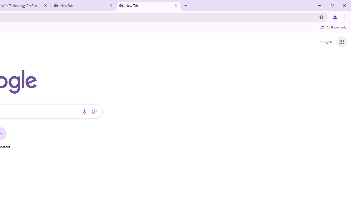 This screenshot has height=197, width=351. What do you see at coordinates (83, 5) in the screenshot?
I see `'New Tab'` at bounding box center [83, 5].